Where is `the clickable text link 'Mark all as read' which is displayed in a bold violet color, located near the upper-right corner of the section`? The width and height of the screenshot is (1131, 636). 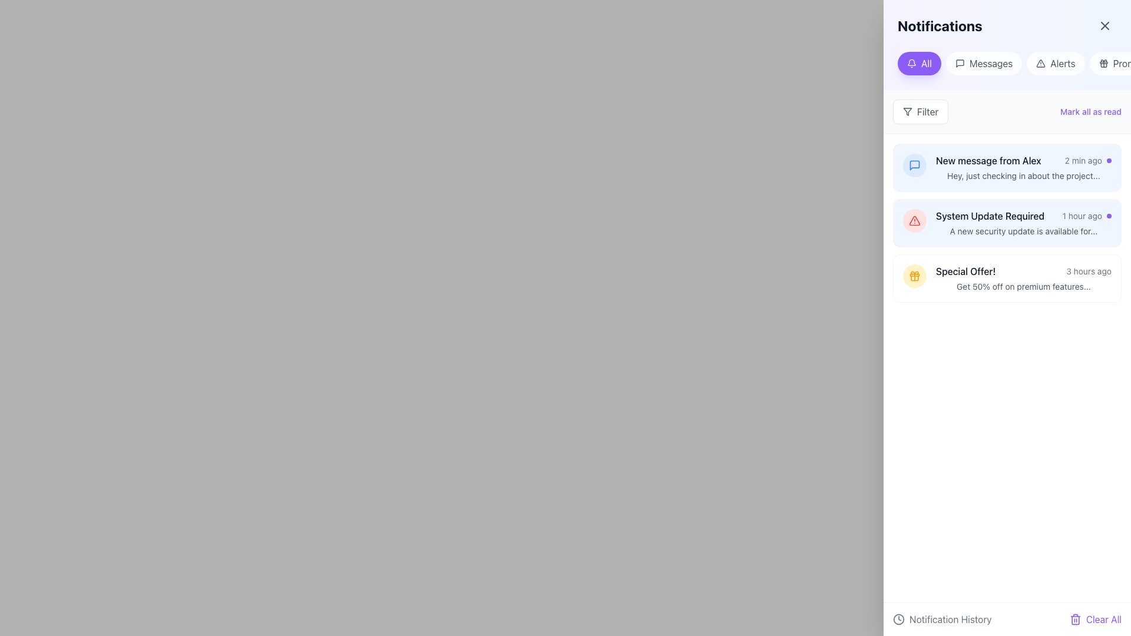 the clickable text link 'Mark all as read' which is displayed in a bold violet color, located near the upper-right corner of the section is located at coordinates (1090, 111).